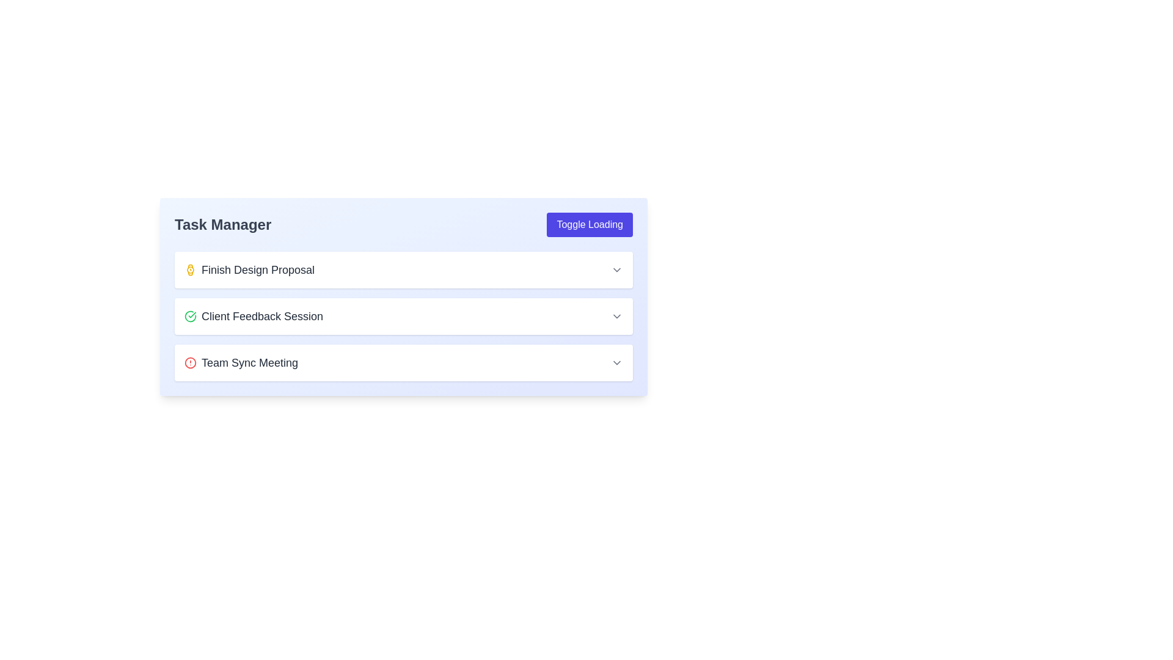  I want to click on the 'Team Sync Meeting' task entry, so click(241, 362).